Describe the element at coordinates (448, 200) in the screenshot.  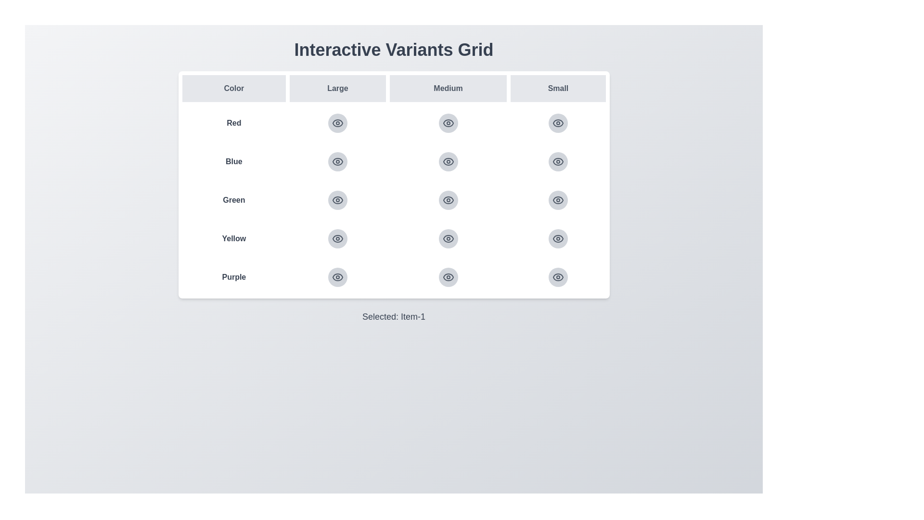
I see `the circular button with a gray background and an eye icon in the center, located in the 'Green' row and 'Medium' column of the grid layout` at that location.